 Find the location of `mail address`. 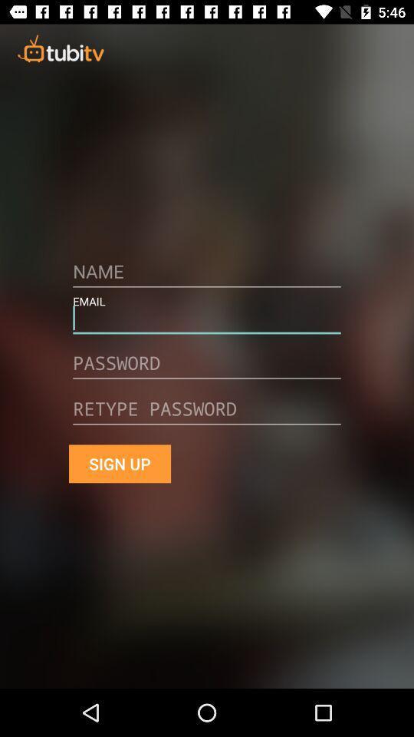

mail address is located at coordinates (207, 414).